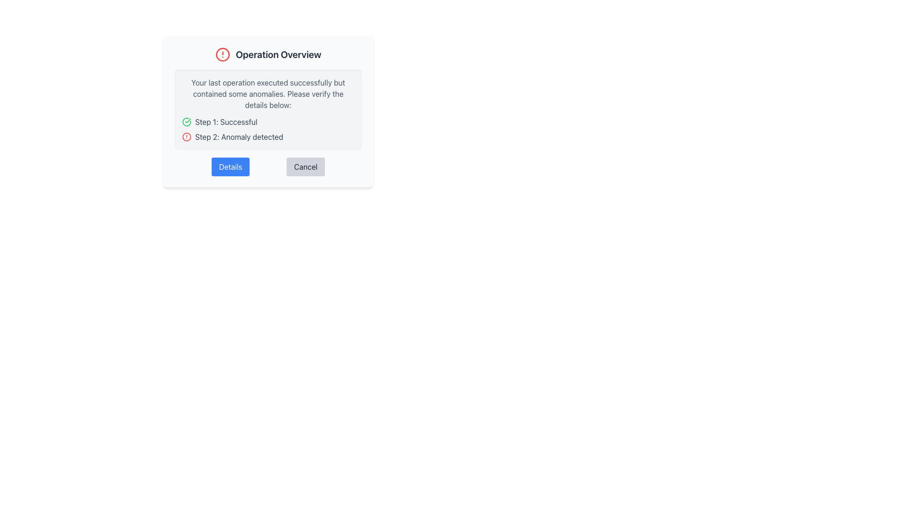  Describe the element at coordinates (186, 122) in the screenshot. I see `the circular green icon with a checkmark symbol indicating success, located to the left of the text 'Step 1: Successful' within the modal dialog` at that location.